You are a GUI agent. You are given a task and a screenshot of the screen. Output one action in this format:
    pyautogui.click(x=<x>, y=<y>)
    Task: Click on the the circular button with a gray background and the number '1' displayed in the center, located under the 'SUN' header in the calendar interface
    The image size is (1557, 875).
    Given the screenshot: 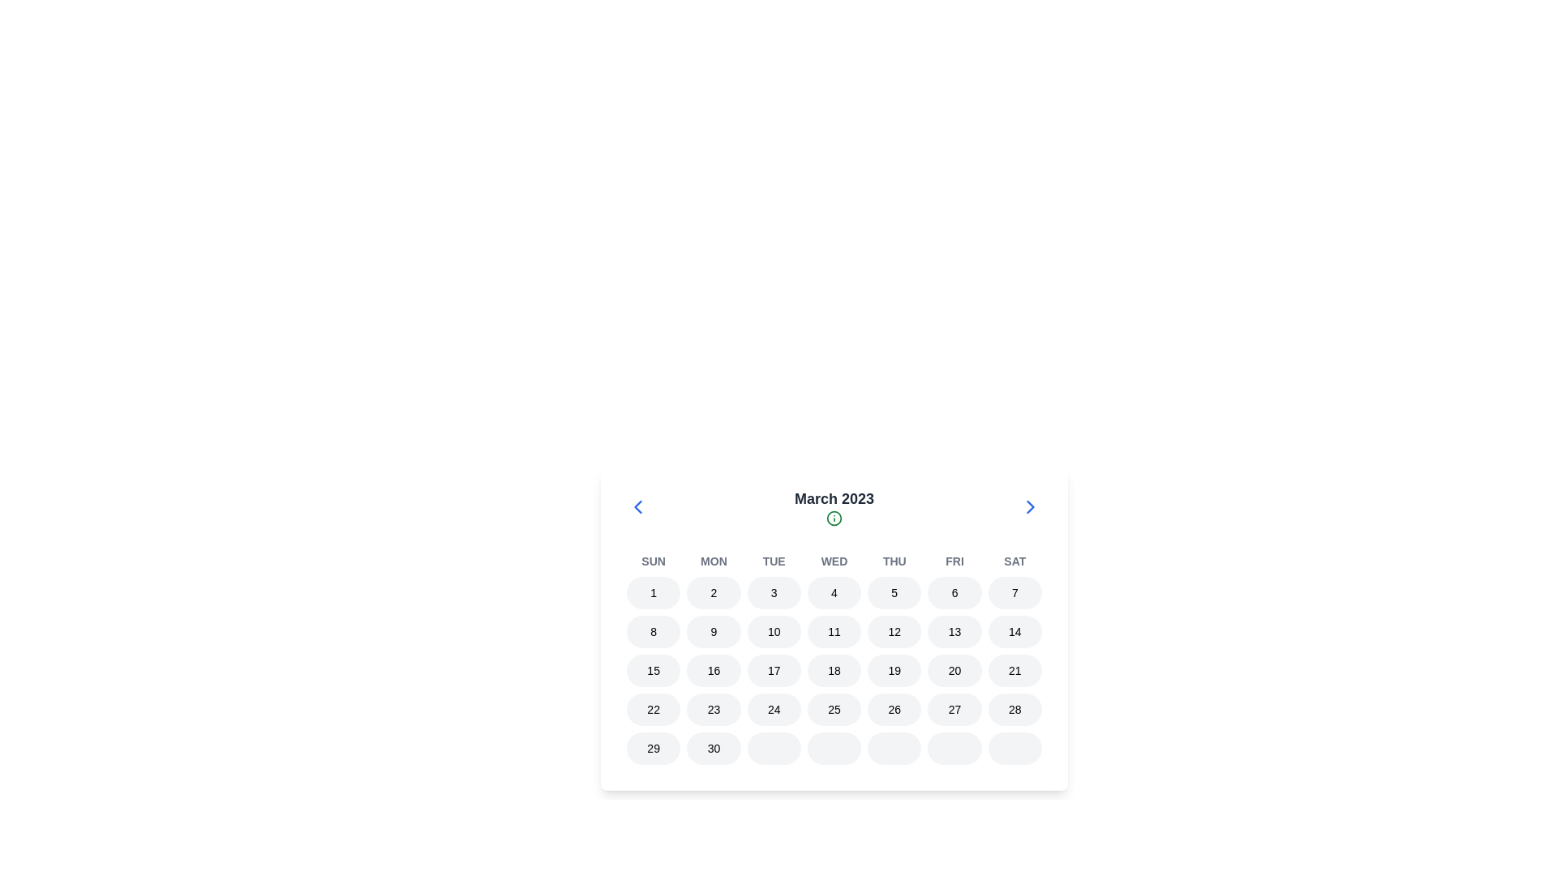 What is the action you would take?
    pyautogui.click(x=654, y=593)
    